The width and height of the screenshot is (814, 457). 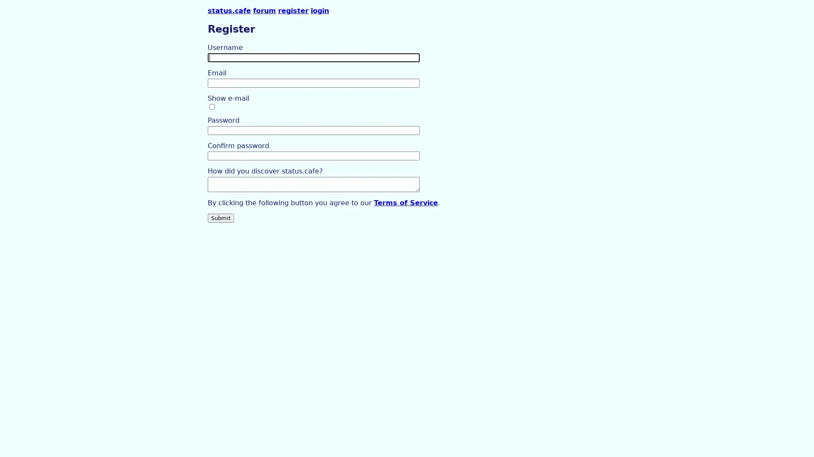 I want to click on Submit, so click(x=221, y=217).